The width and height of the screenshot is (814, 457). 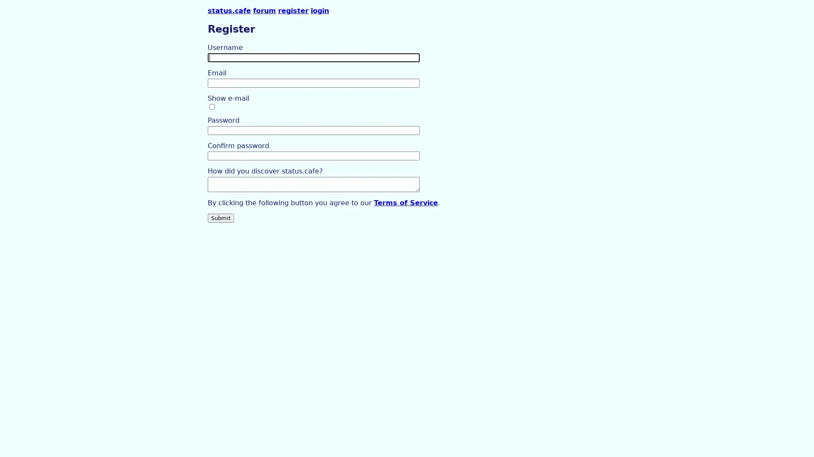 I want to click on Submit, so click(x=221, y=217).